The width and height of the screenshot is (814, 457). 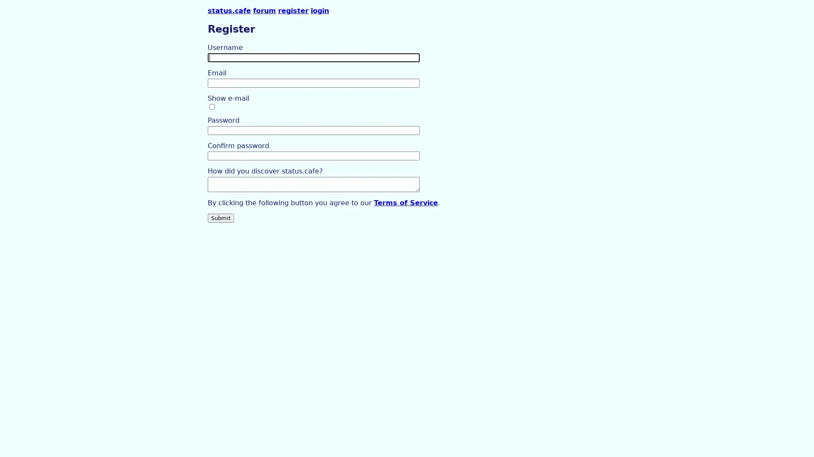 I want to click on Submit, so click(x=221, y=217).